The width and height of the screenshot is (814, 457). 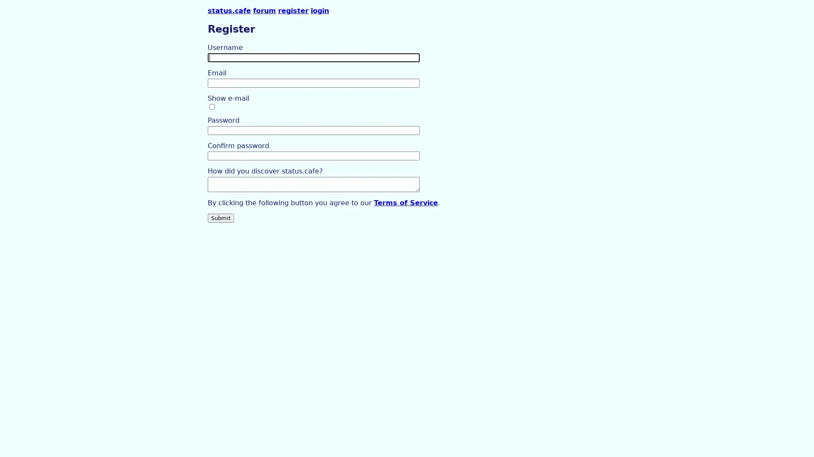 I want to click on Submit, so click(x=221, y=217).